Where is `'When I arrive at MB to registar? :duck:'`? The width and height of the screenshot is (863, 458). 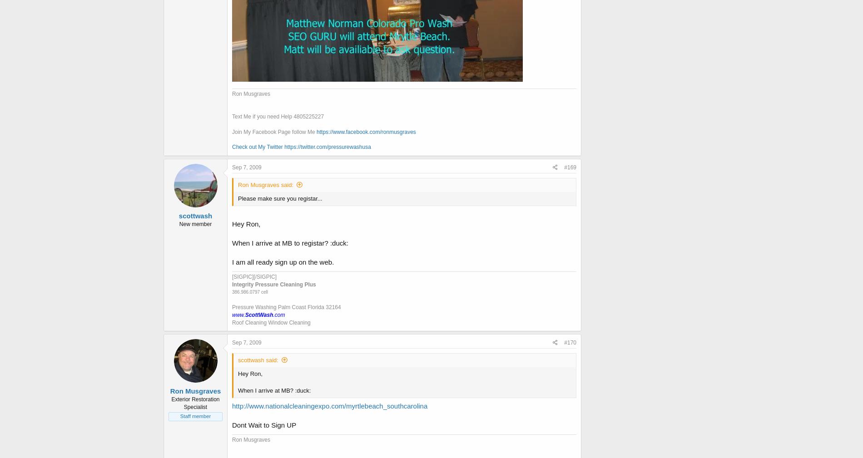 'When I arrive at MB to registar? :duck:' is located at coordinates (290, 242).